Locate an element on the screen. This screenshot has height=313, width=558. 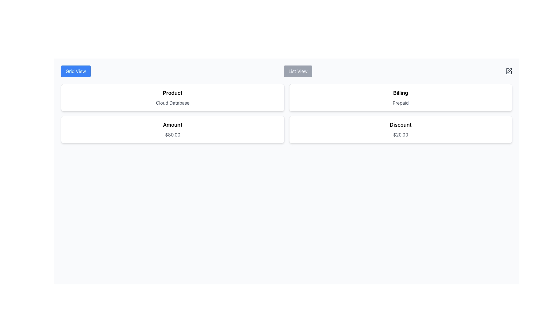
the display card showing the amount $80.00, which is the third card in the grid layout located below the 'Product' card and to the left of the 'Discount' card for interaction feedback is located at coordinates (172, 129).